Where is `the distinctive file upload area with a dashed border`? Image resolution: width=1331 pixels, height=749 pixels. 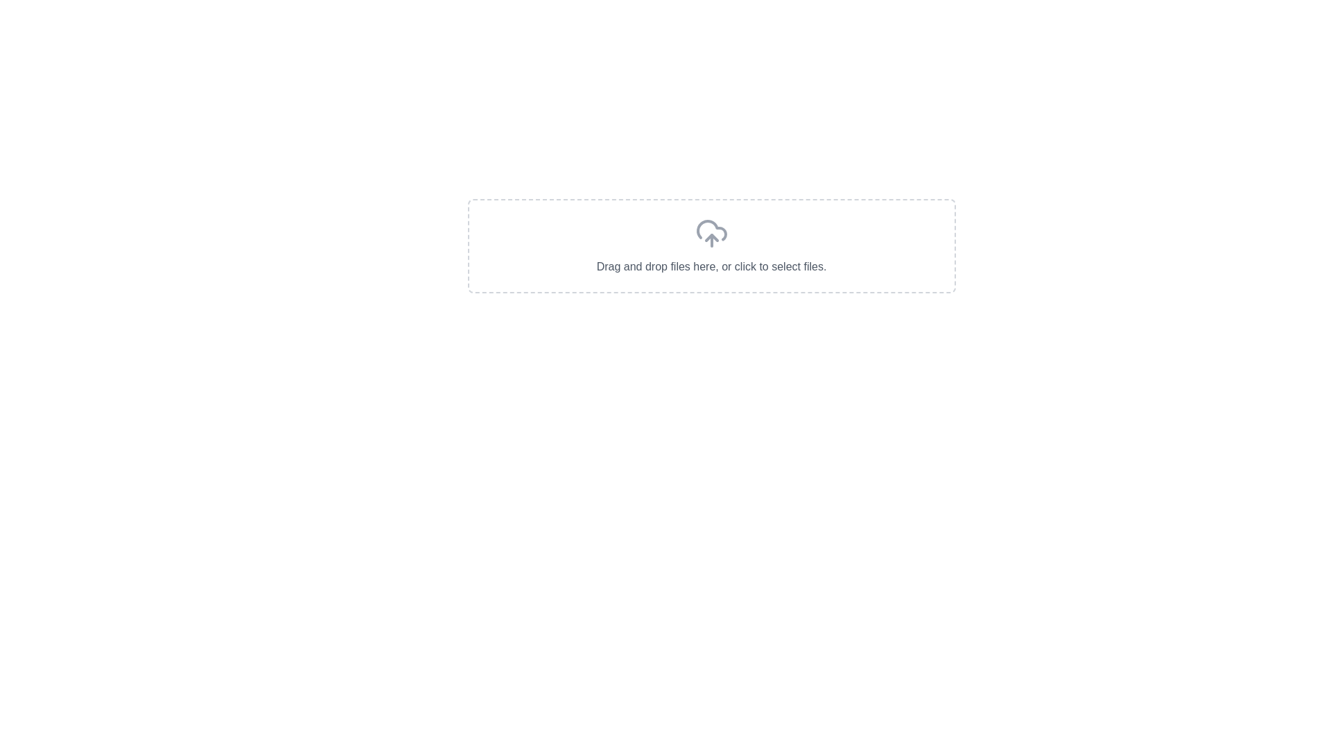 the distinctive file upload area with a dashed border is located at coordinates (711, 245).